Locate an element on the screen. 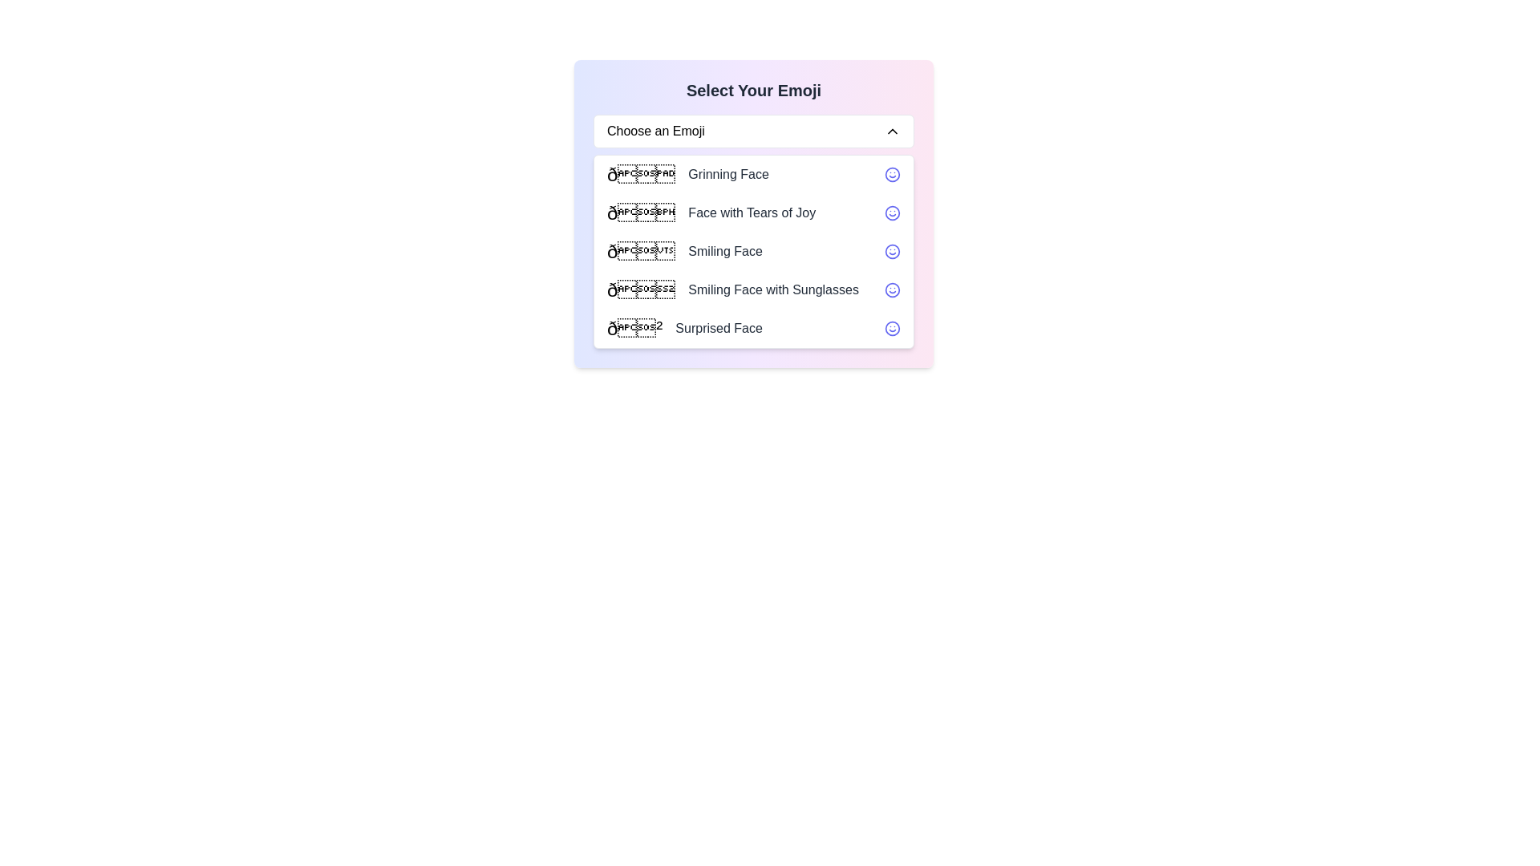  the list item displaying 'Smiling Face with Sunglasses' is located at coordinates (753, 290).